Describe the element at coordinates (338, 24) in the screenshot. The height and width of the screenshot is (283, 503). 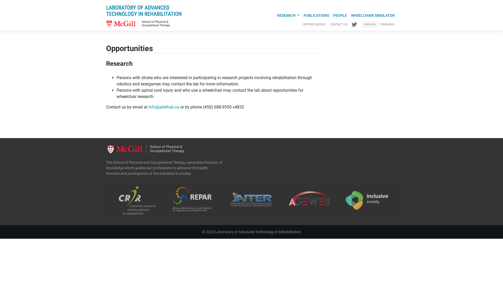
I see `'CONTACT US'` at that location.